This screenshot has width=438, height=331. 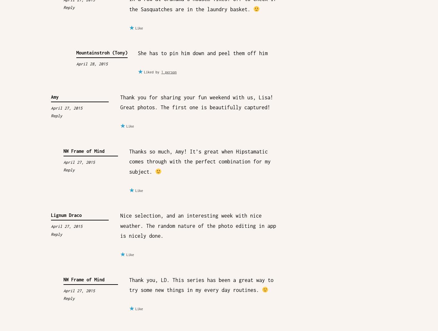 I want to click on '1 person', so click(x=161, y=71).